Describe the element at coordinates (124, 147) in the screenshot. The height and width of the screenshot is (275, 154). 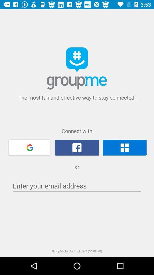
I see `connect to windows session` at that location.